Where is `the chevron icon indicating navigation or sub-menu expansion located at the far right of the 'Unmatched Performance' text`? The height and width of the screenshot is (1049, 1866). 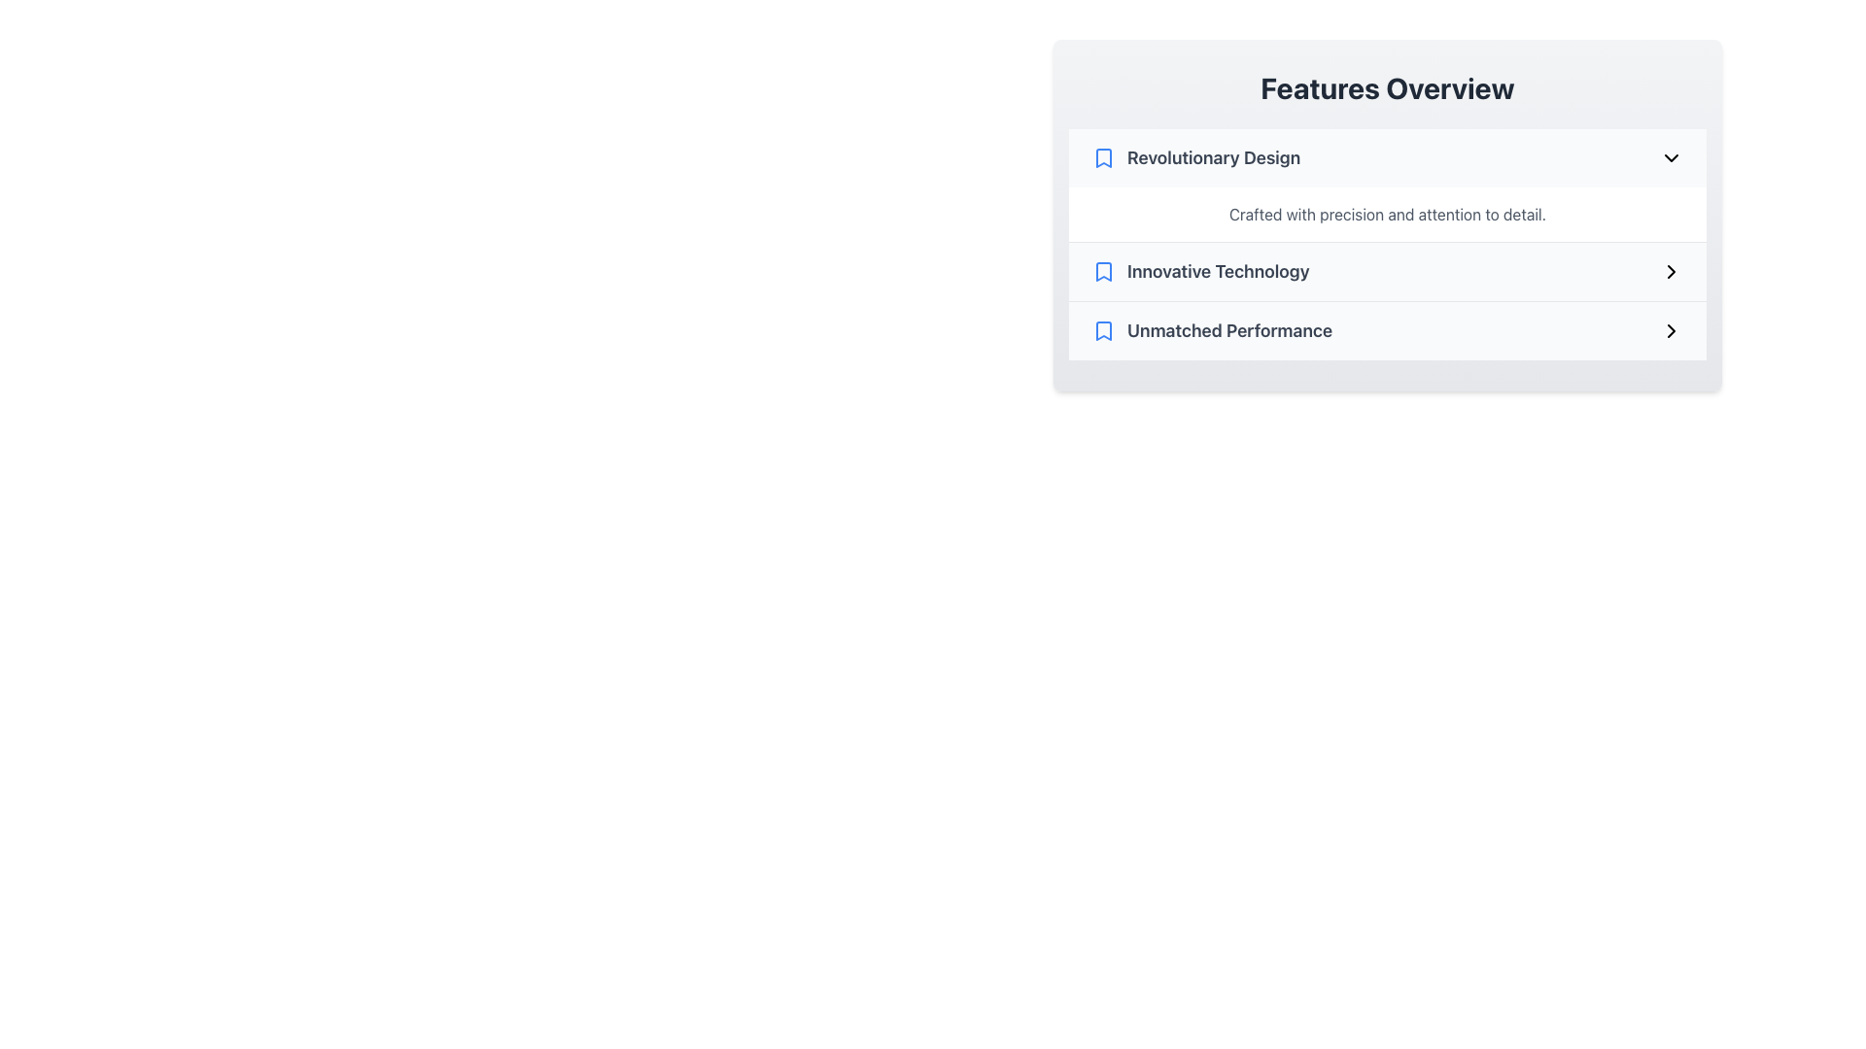
the chevron icon indicating navigation or sub-menu expansion located at the far right of the 'Unmatched Performance' text is located at coordinates (1670, 329).